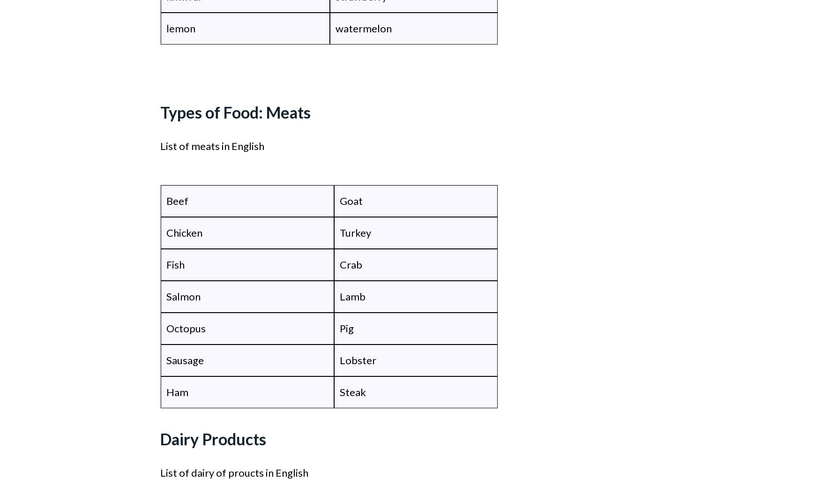 This screenshot has width=836, height=487. I want to click on 'Turkey', so click(355, 232).